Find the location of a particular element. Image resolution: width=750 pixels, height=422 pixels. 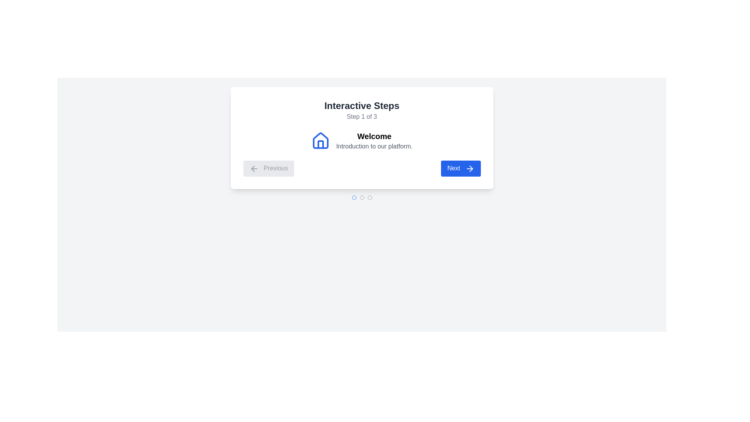

the decorative rightward-pointing arrow icon inside the 'Next' button, which is located at the bottom right of the central card panel is located at coordinates (470, 168).